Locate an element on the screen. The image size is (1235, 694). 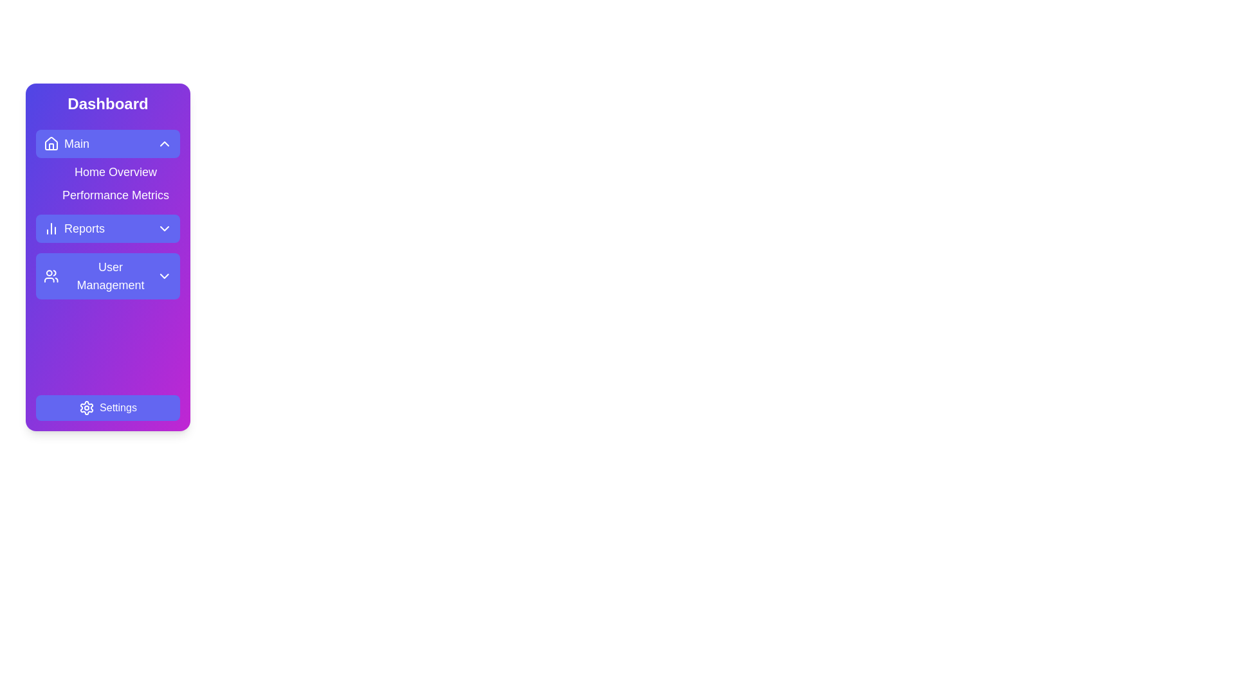
the SVG icon depicting two user figures located in the sidebar of the dashboard interface, positioned to the left of the text 'User Management' is located at coordinates (51, 275).